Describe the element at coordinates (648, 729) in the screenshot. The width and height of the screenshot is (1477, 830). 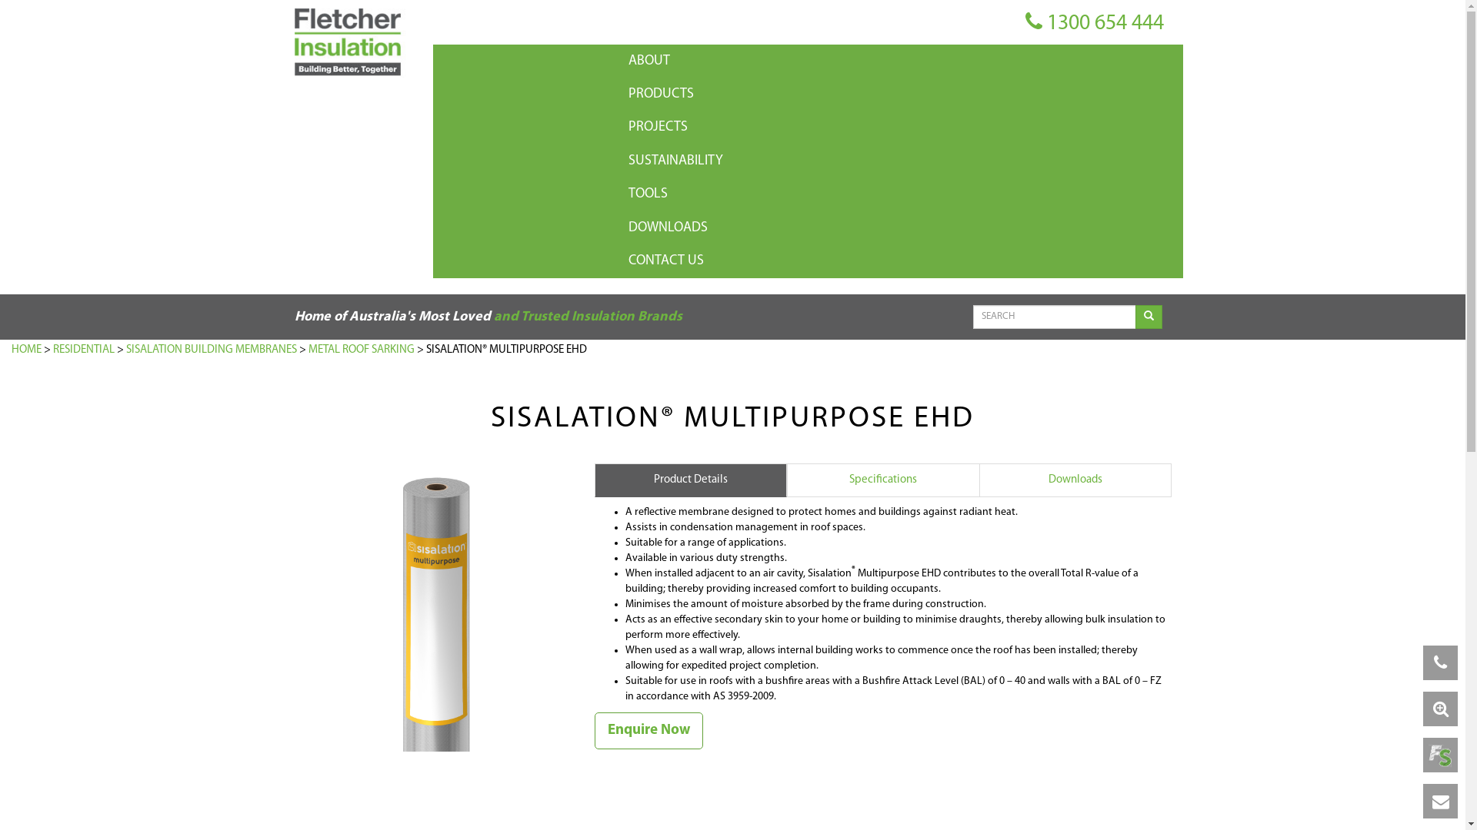
I see `'Enquire Now'` at that location.